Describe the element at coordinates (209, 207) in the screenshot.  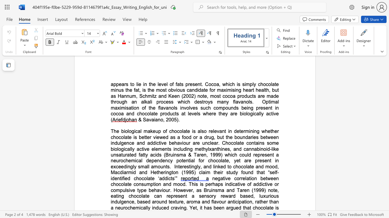
I see `the subset text "s been argued that" within the text "and flavour anticipation, rather than a neurochemically induced craving. Yet, it has been argued that chocolate"` at that location.